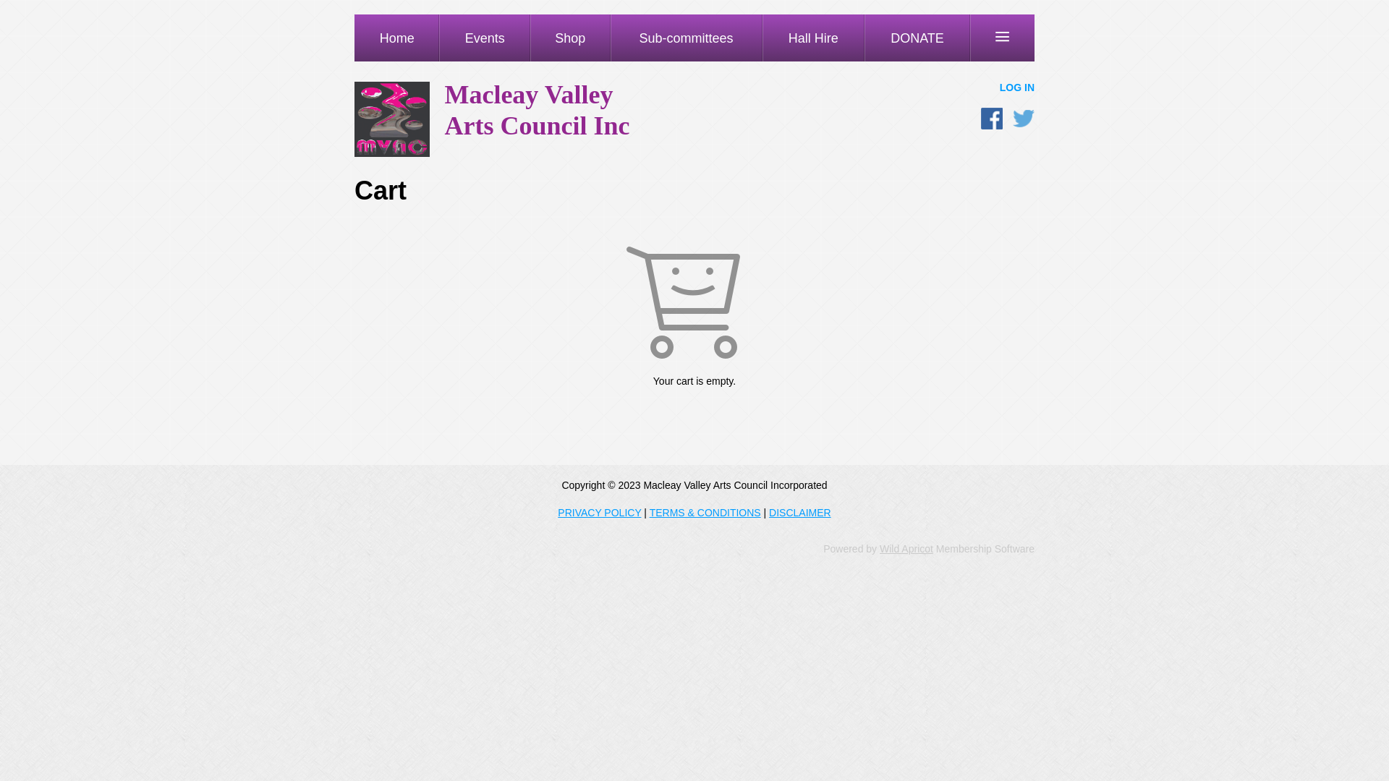  Describe the element at coordinates (799, 512) in the screenshot. I see `'DISCLAIMER'` at that location.